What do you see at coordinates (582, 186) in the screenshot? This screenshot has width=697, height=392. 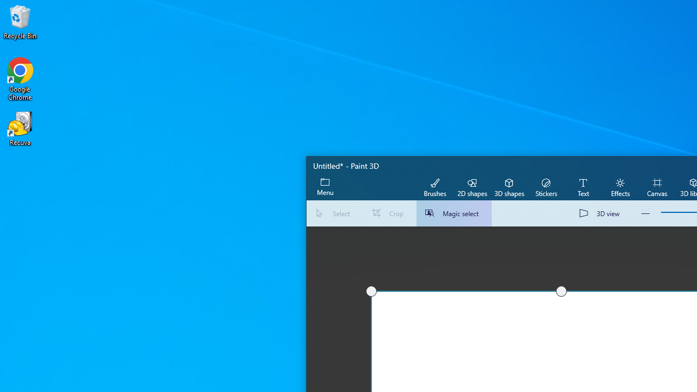 I see `'Text'` at bounding box center [582, 186].